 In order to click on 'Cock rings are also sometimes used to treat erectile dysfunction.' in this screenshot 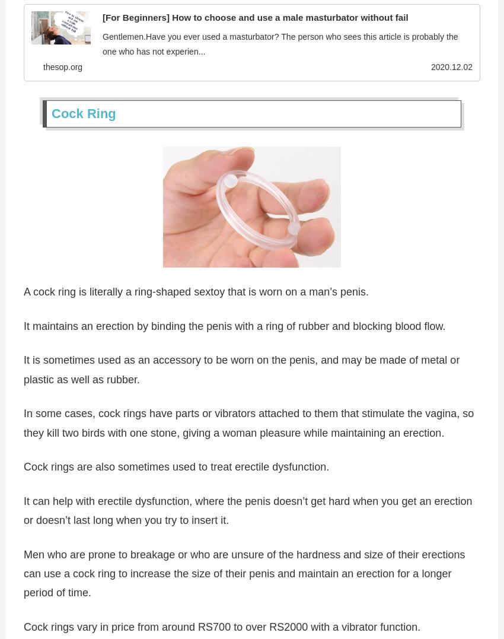, I will do `click(176, 468)`.